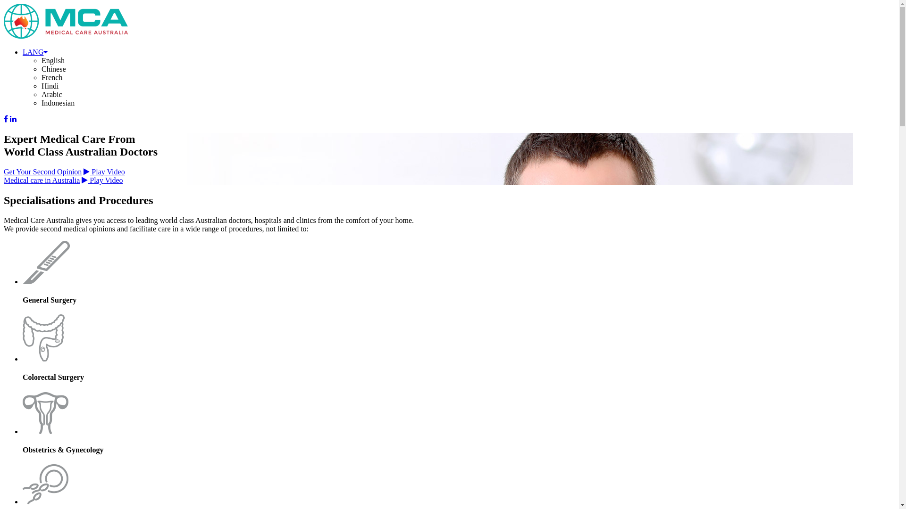 This screenshot has width=906, height=509. What do you see at coordinates (51, 94) in the screenshot?
I see `'Arabic'` at bounding box center [51, 94].